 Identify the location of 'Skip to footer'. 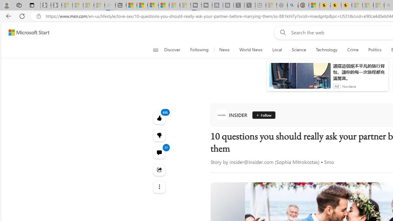
(25, 32).